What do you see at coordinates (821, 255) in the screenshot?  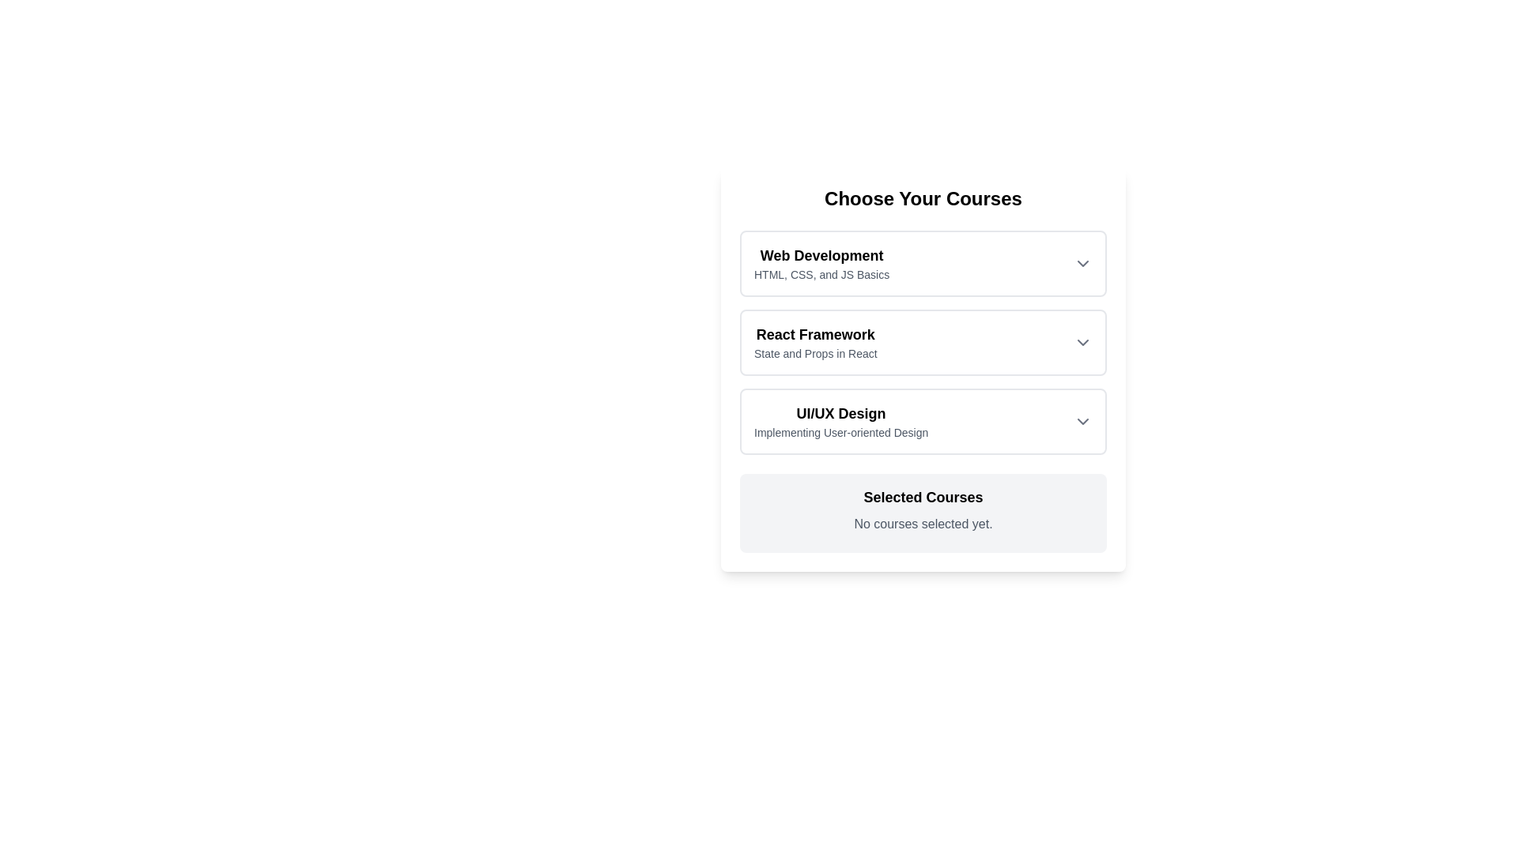 I see `the 'Web Development' text header in bold, larger font size, located at the top-left of the course card` at bounding box center [821, 255].